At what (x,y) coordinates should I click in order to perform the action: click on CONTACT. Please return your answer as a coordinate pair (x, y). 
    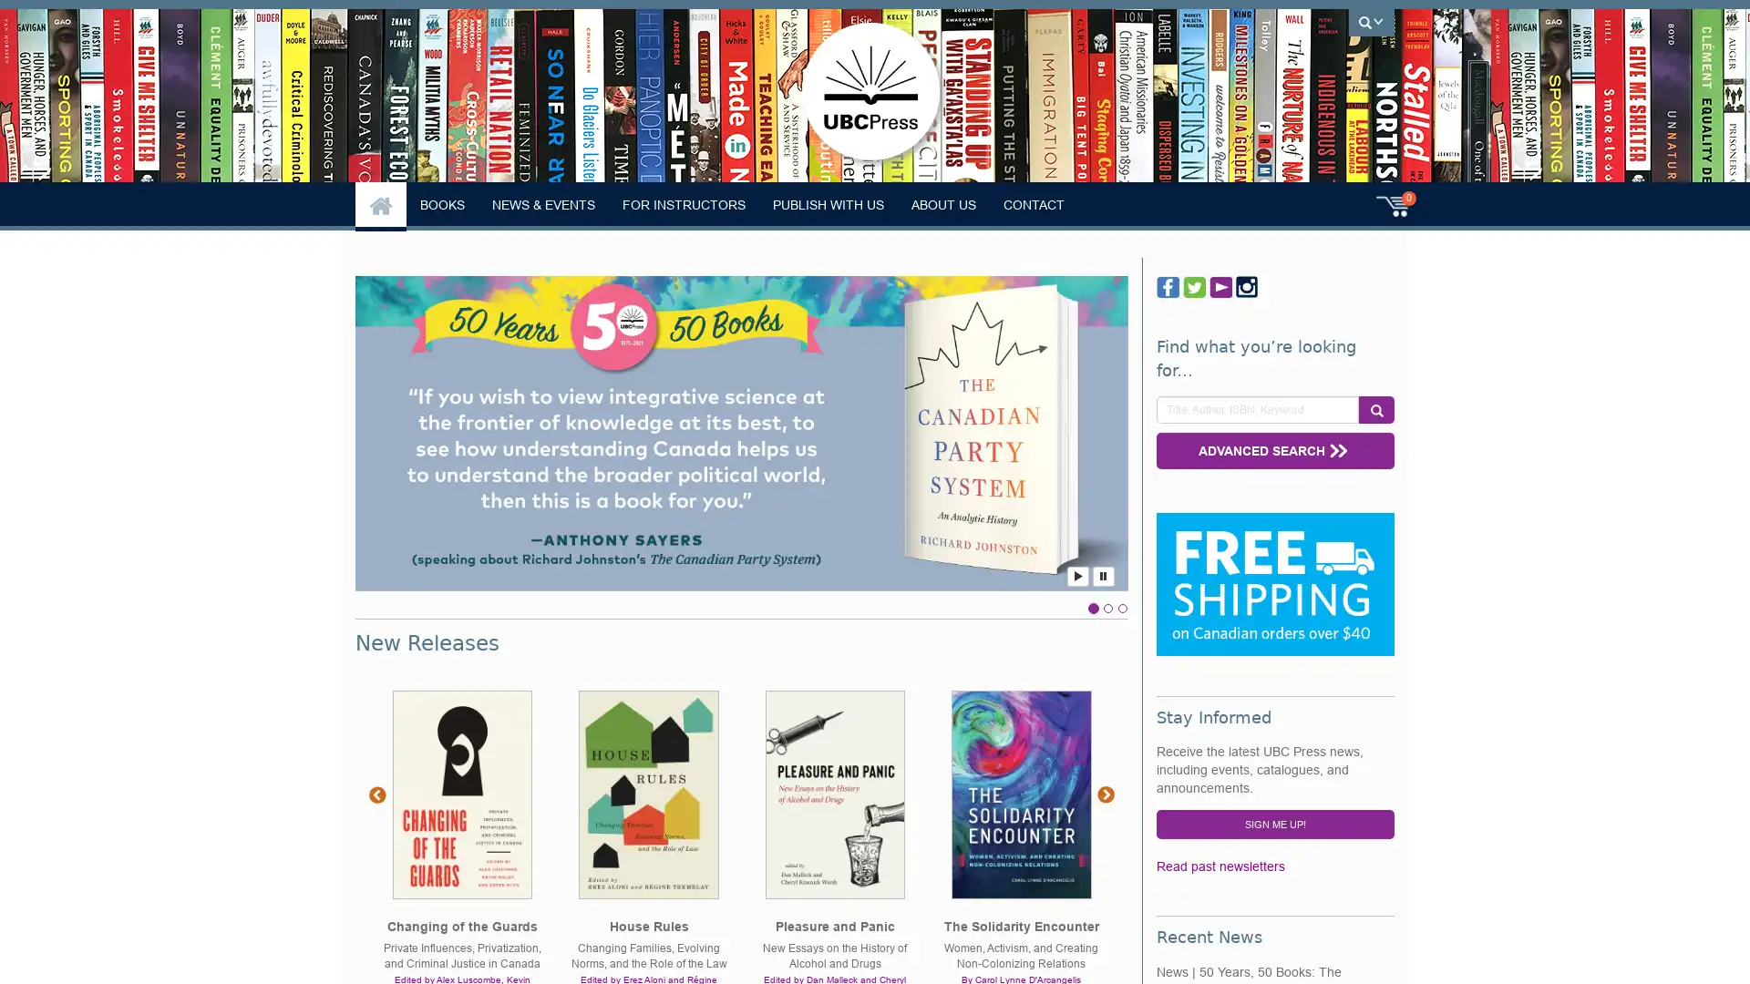
    Looking at the image, I should click on (1034, 204).